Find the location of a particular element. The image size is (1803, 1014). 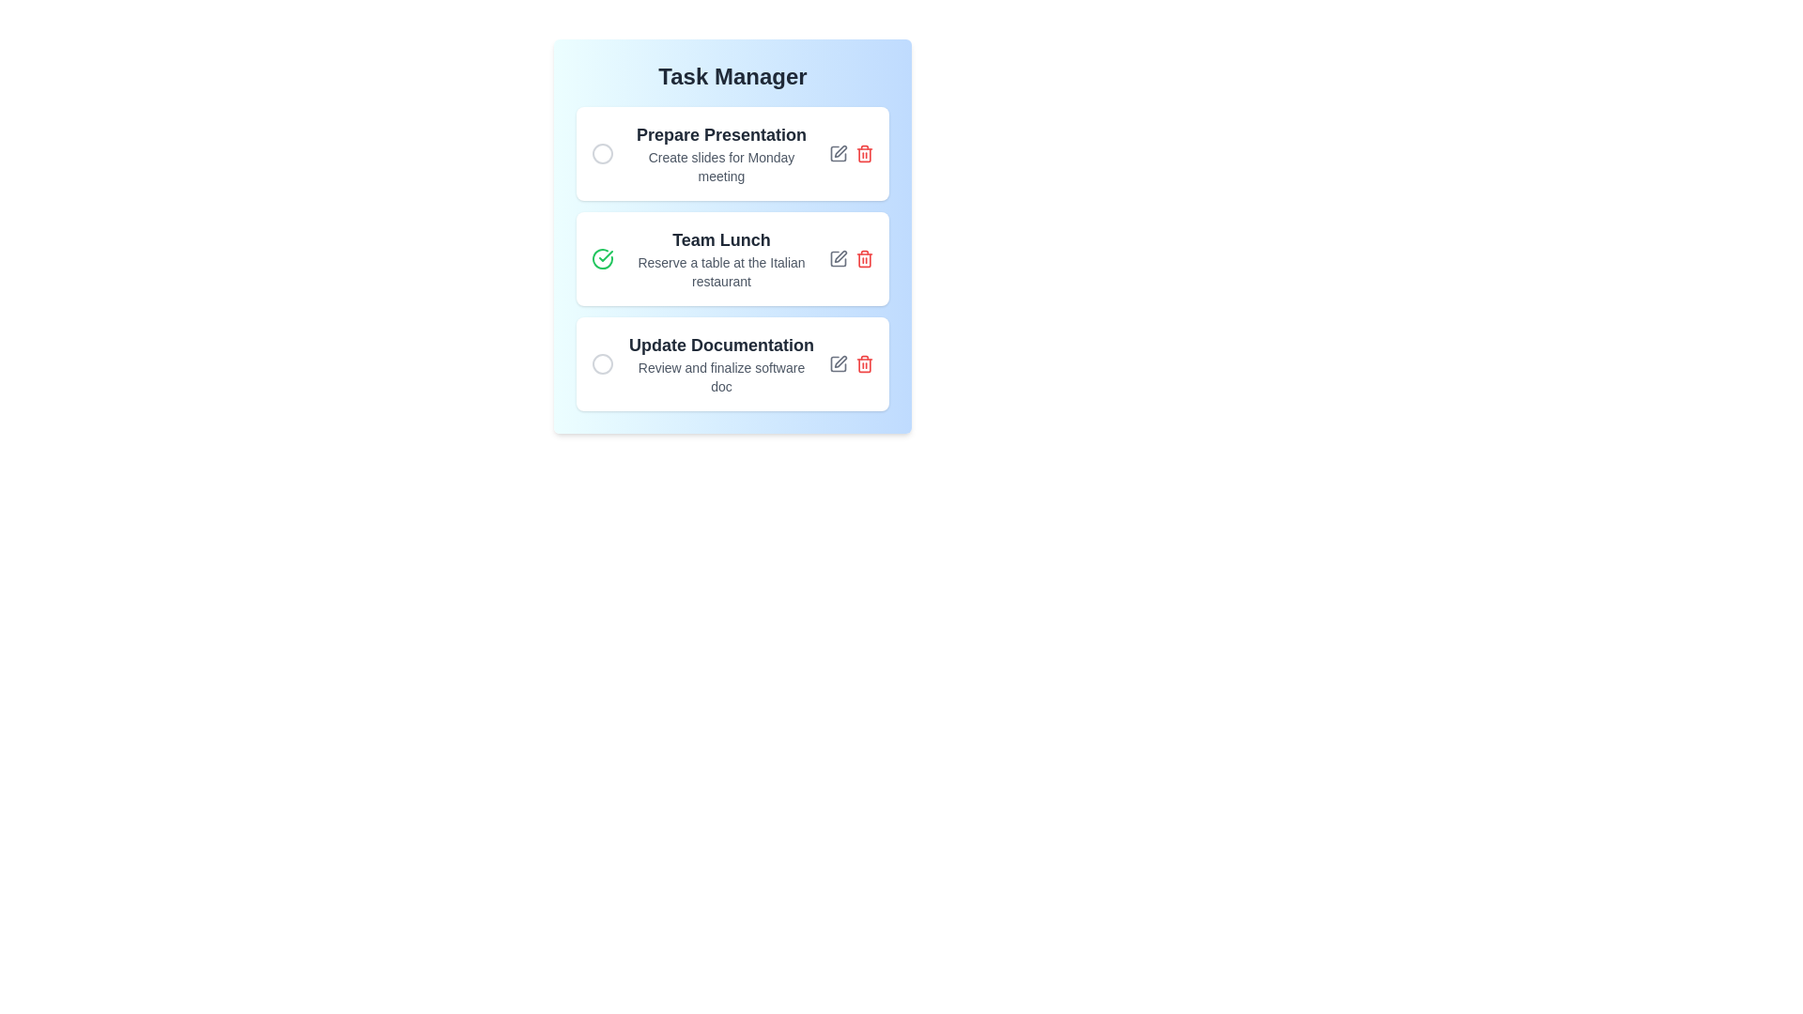

the delete button for the task titled Update Documentation is located at coordinates (864, 364).